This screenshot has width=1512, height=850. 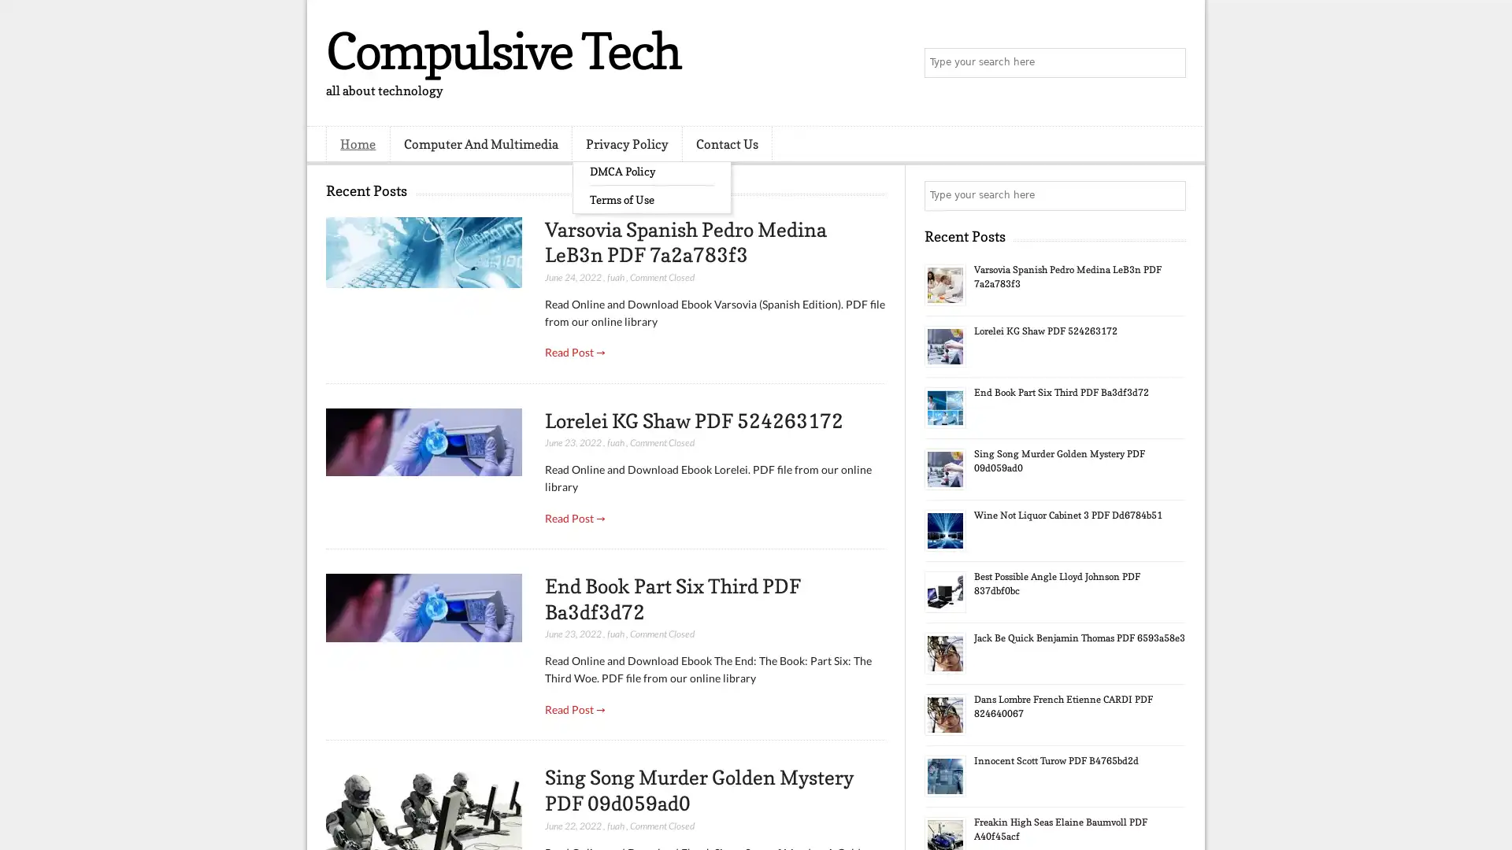 What do you see at coordinates (1169, 63) in the screenshot?
I see `Search` at bounding box center [1169, 63].